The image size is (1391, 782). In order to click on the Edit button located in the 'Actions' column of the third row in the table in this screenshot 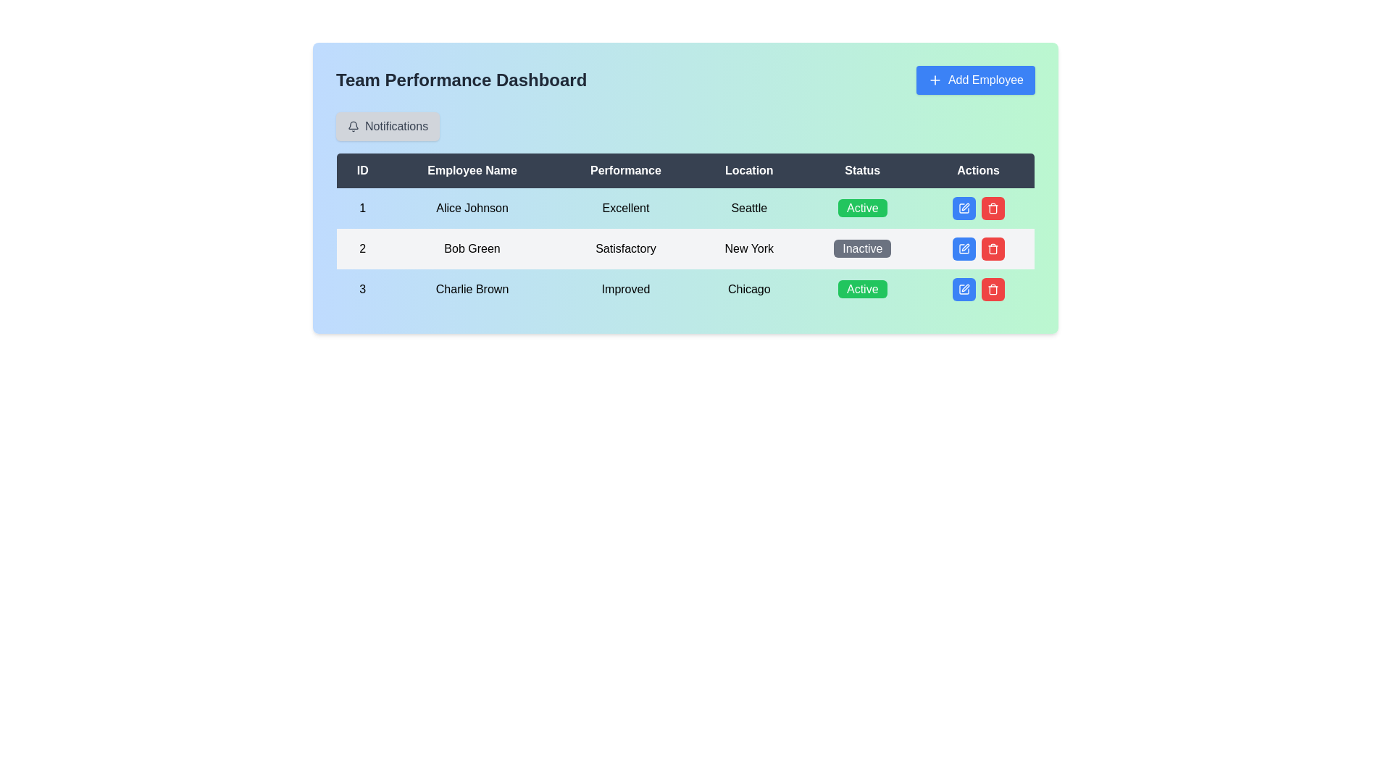, I will do `click(964, 290)`.